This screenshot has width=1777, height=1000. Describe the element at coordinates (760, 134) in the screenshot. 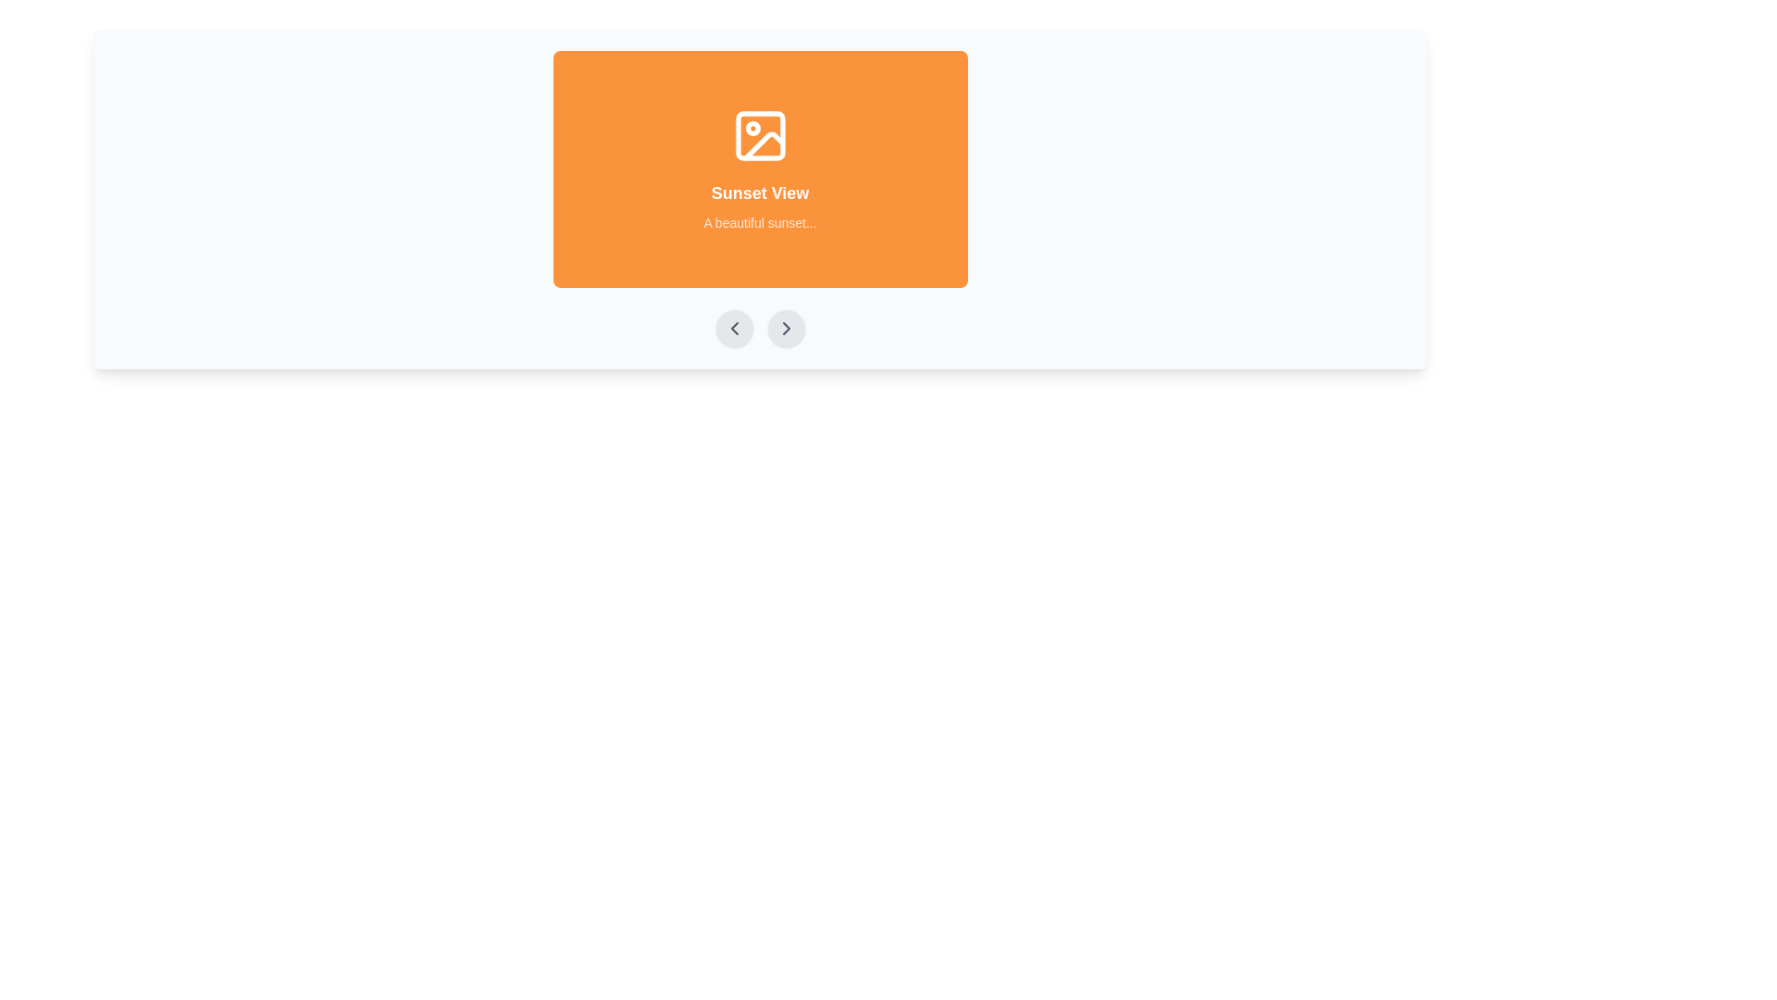

I see `the icon representing 'Sunset View', located at the center-top of the orange box labeled 'Sunset View'` at that location.